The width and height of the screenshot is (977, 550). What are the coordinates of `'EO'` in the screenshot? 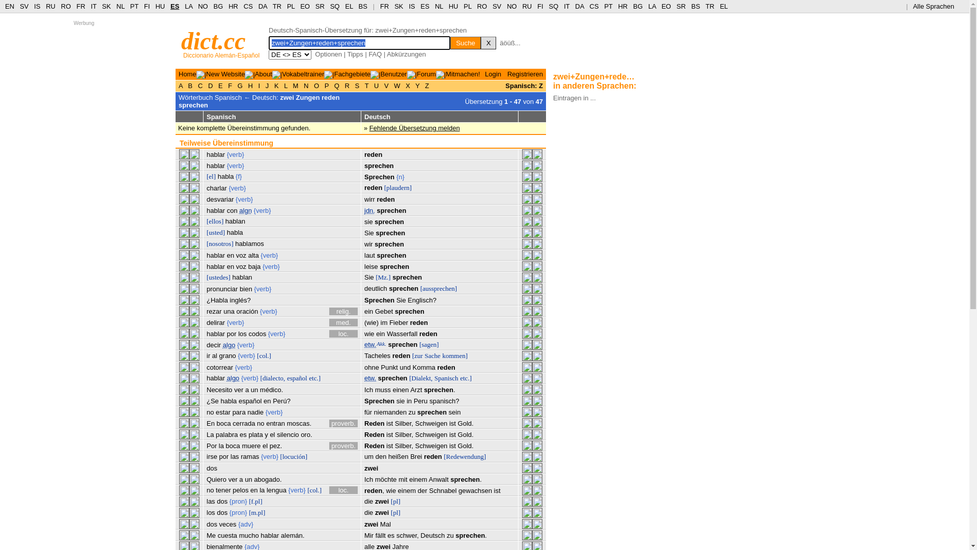 It's located at (662, 6).